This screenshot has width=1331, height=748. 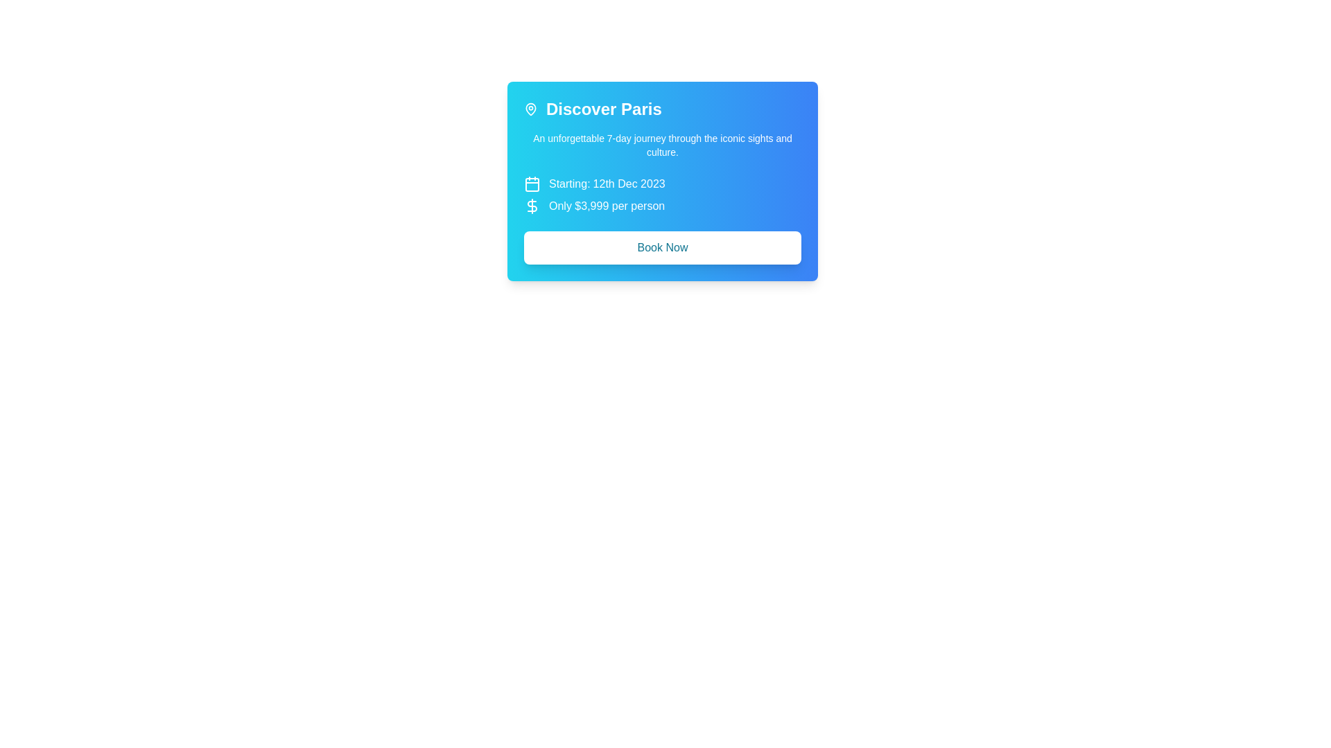 I want to click on the text label that states 'An unforgettable 7-day journey through the iconic sights and culture', which is styled with a white font on a light blue-gradient background and positioned below the title 'Discover Paris', so click(x=661, y=145).